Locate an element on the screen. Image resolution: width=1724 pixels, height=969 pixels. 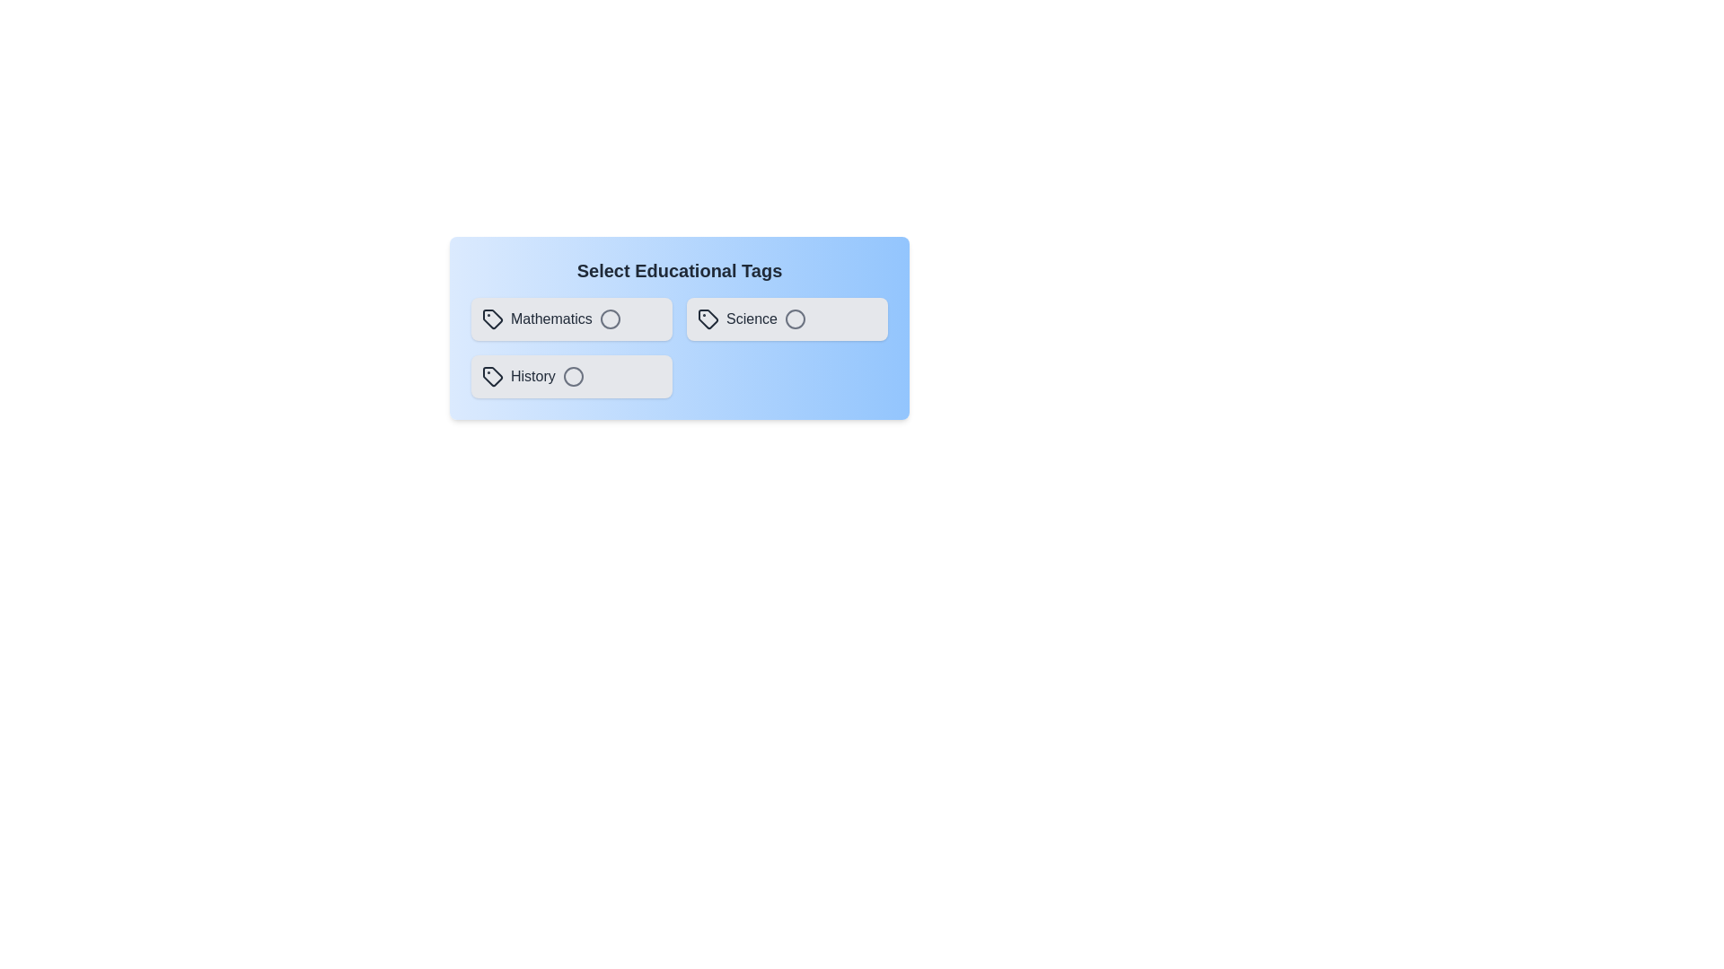
the EducationalTagSelector component by clicking on its center is located at coordinates (679, 328).